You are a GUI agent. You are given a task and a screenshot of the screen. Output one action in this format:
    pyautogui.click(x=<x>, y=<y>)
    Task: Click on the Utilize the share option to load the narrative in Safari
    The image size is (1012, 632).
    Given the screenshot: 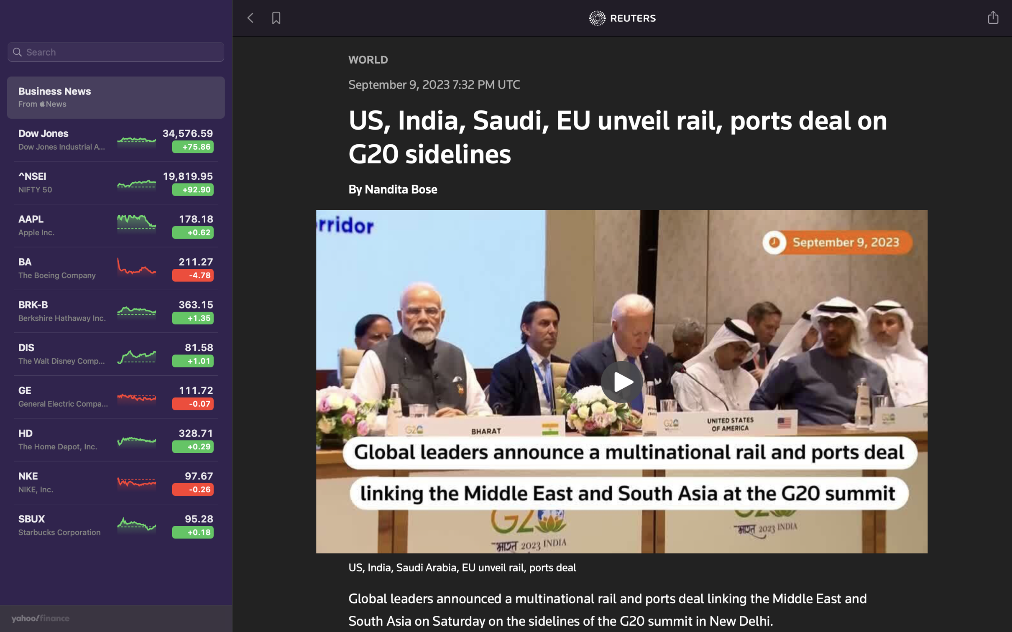 What is the action you would take?
    pyautogui.click(x=994, y=16)
    